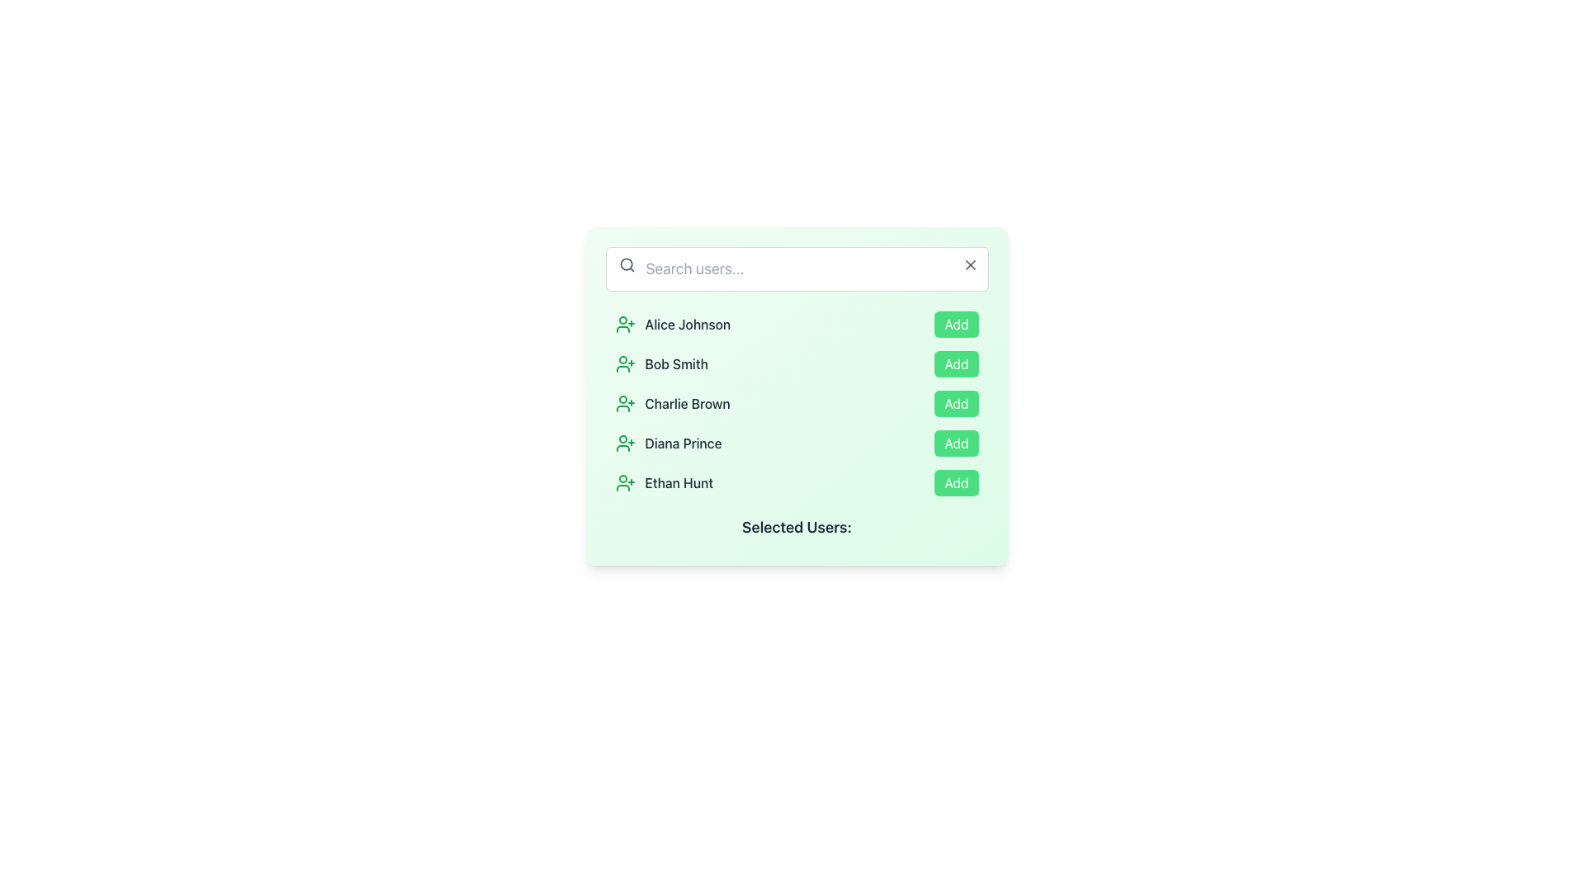 The height and width of the screenshot is (892, 1585). What do you see at coordinates (797, 325) in the screenshot?
I see `the first row of the user list under the 'Search users...' header for keyboard-based interaction` at bounding box center [797, 325].